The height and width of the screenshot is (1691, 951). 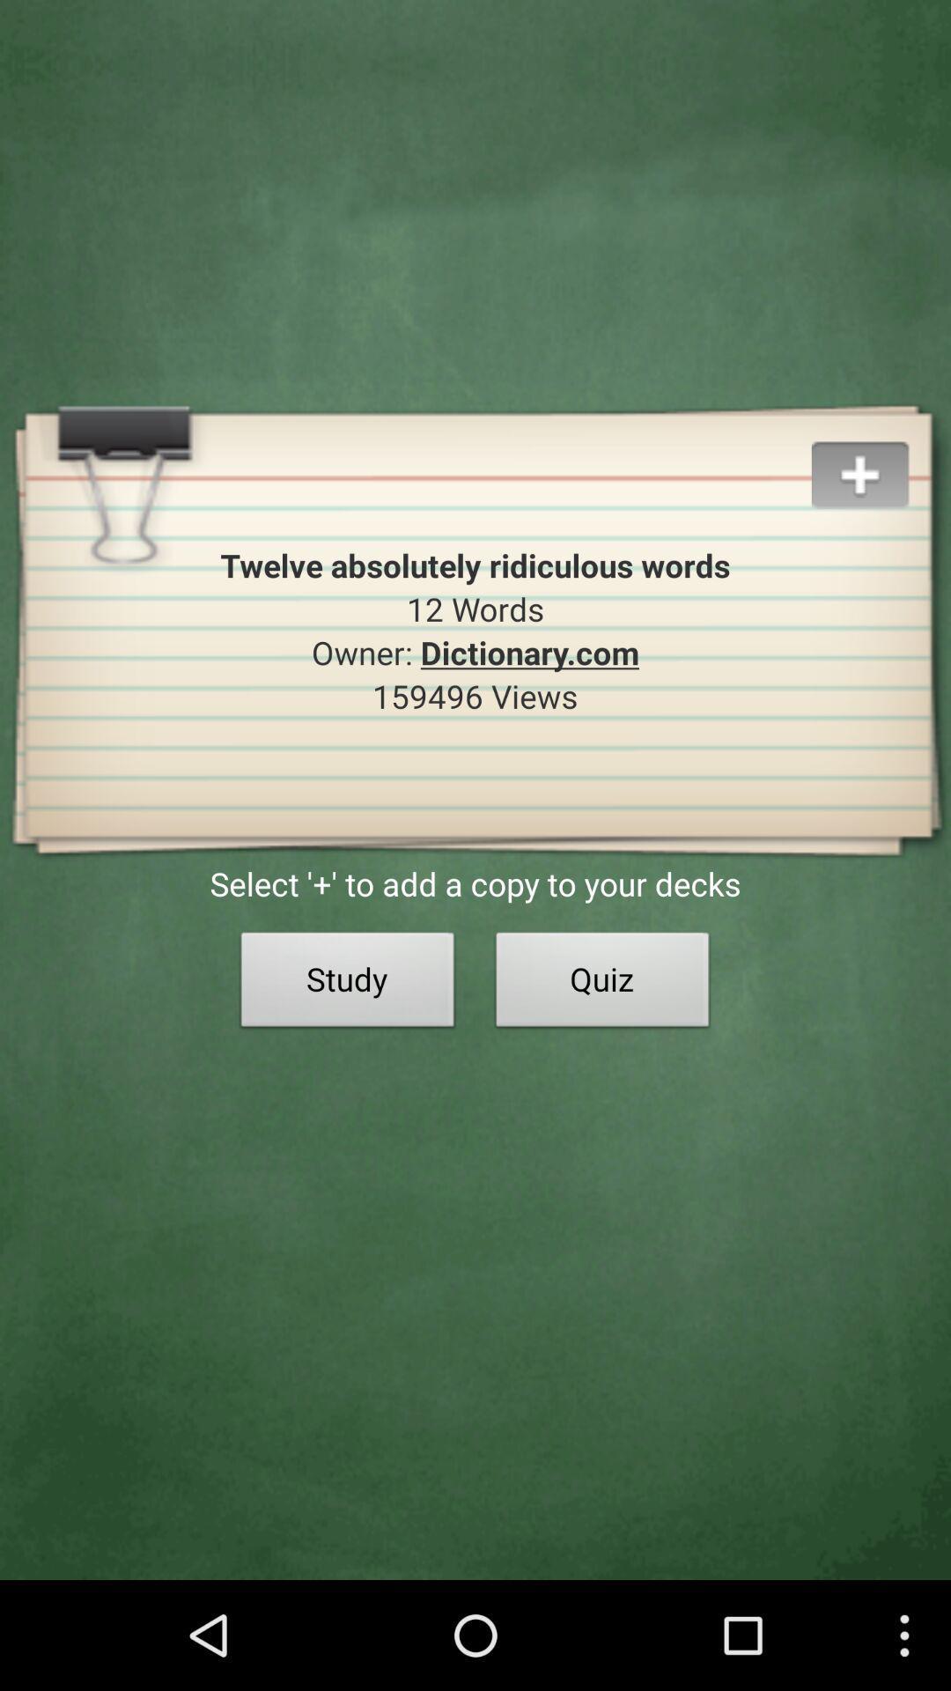 I want to click on a copy to your deck, so click(x=881, y=454).